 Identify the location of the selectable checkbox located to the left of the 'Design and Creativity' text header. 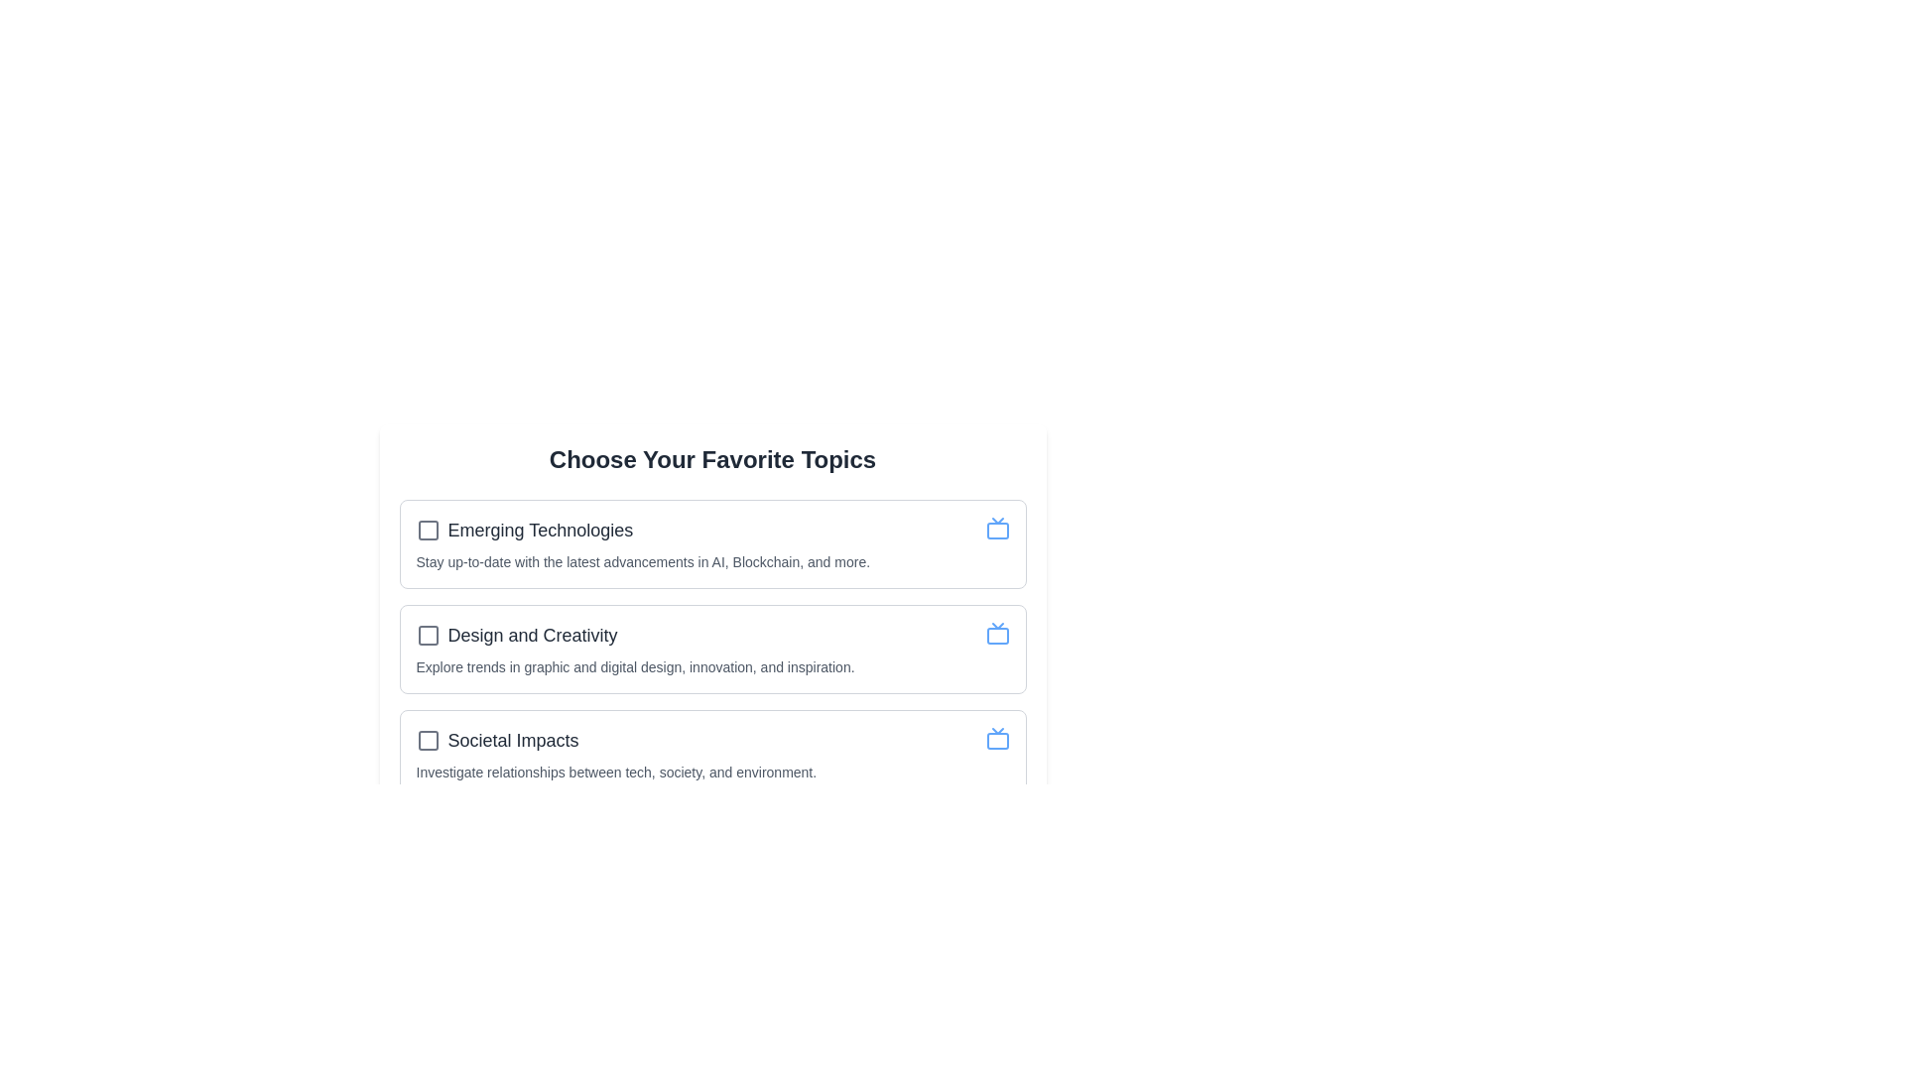
(427, 635).